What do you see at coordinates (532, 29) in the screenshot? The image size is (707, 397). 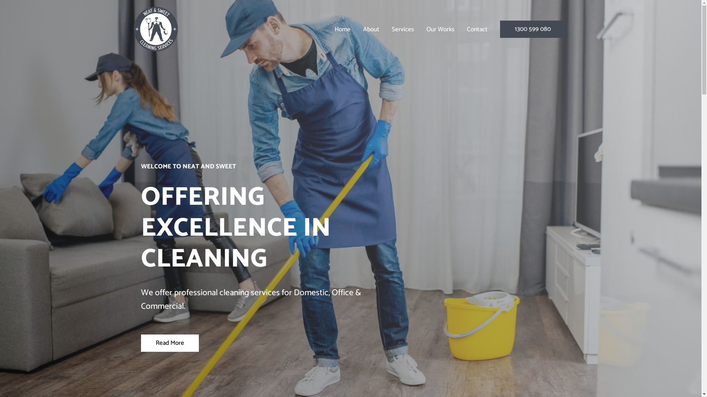 I see `'1300 599 080'` at bounding box center [532, 29].